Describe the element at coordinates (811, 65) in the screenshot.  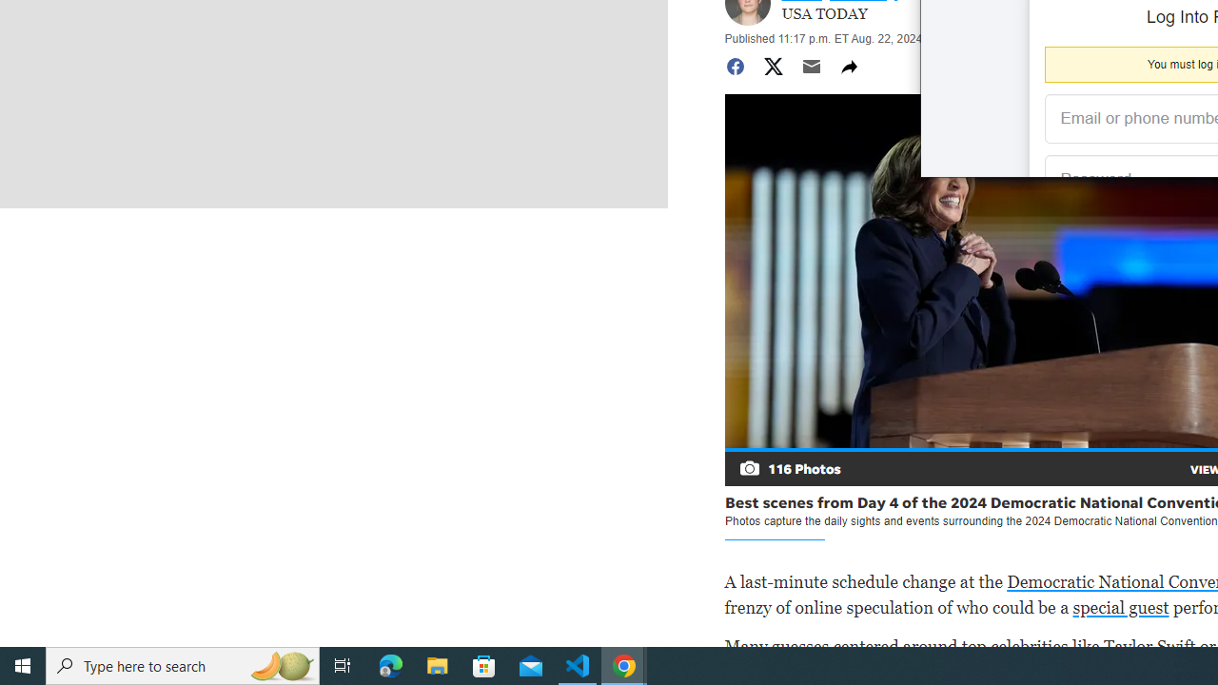
I see `'Share by email'` at that location.